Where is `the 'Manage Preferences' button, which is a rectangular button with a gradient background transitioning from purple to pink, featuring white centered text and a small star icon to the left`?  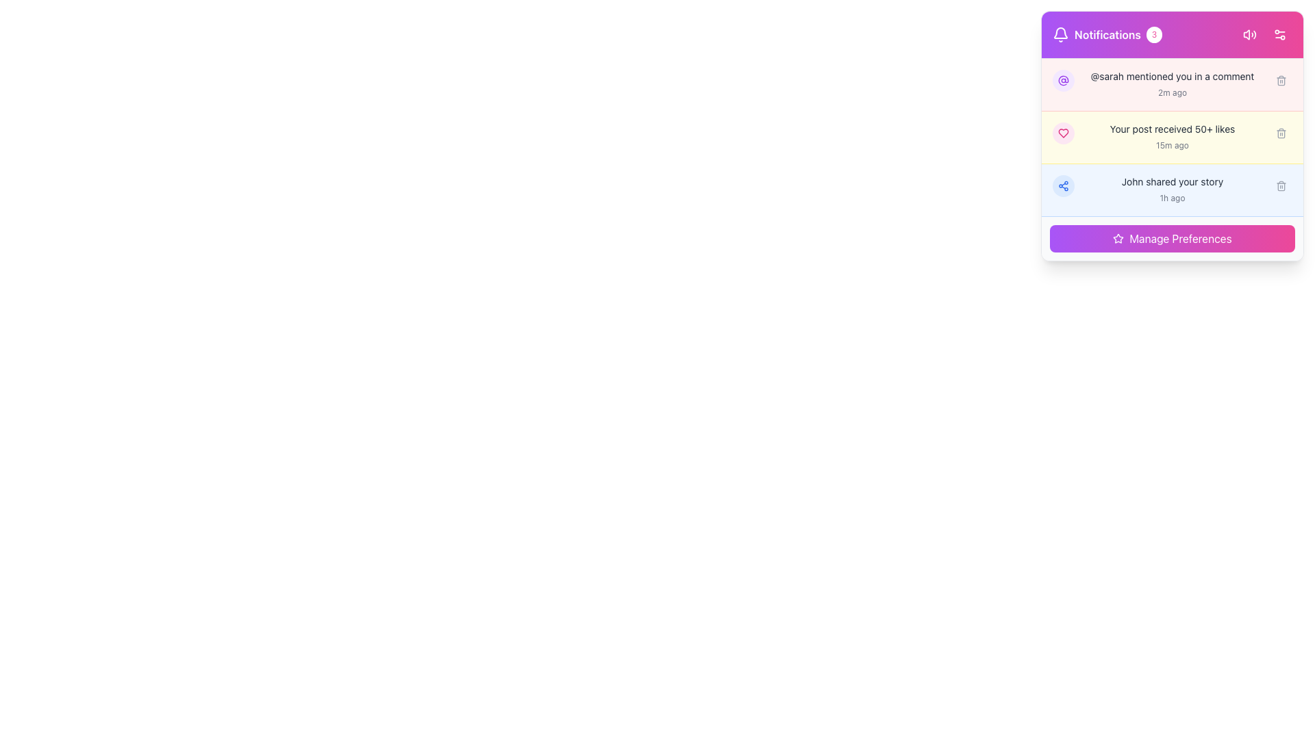 the 'Manage Preferences' button, which is a rectangular button with a gradient background transitioning from purple to pink, featuring white centered text and a small star icon to the left is located at coordinates (1172, 237).